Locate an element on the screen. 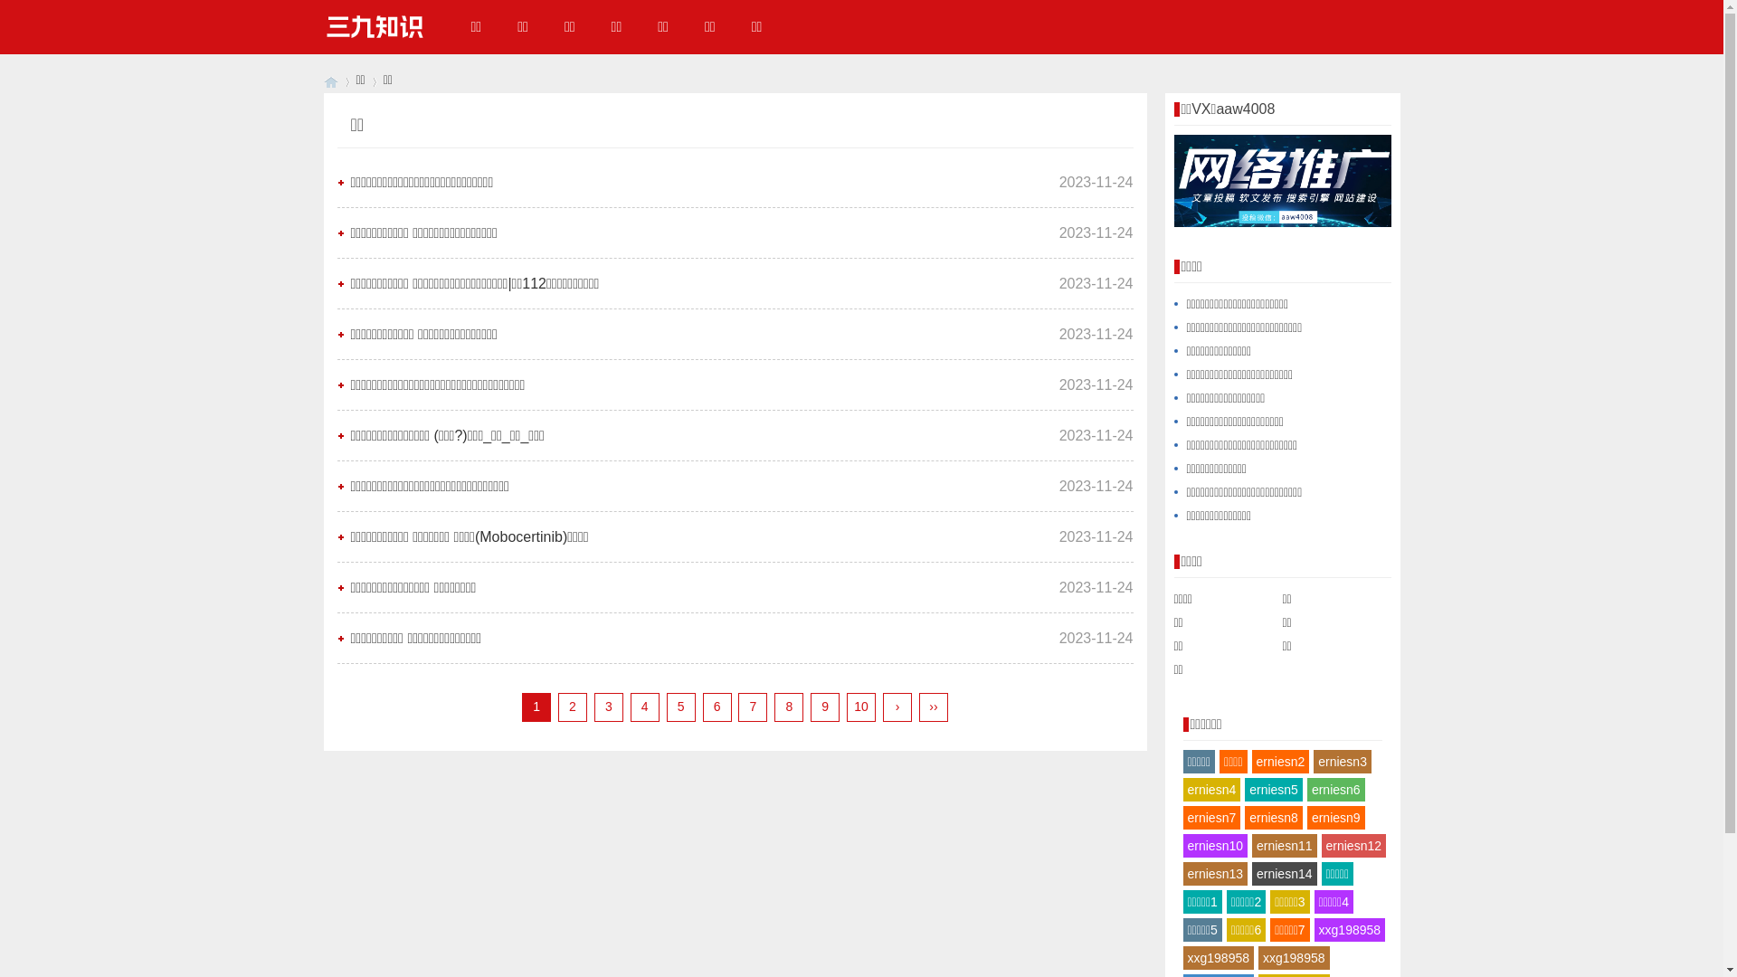 The image size is (1737, 977). '6' is located at coordinates (702, 707).